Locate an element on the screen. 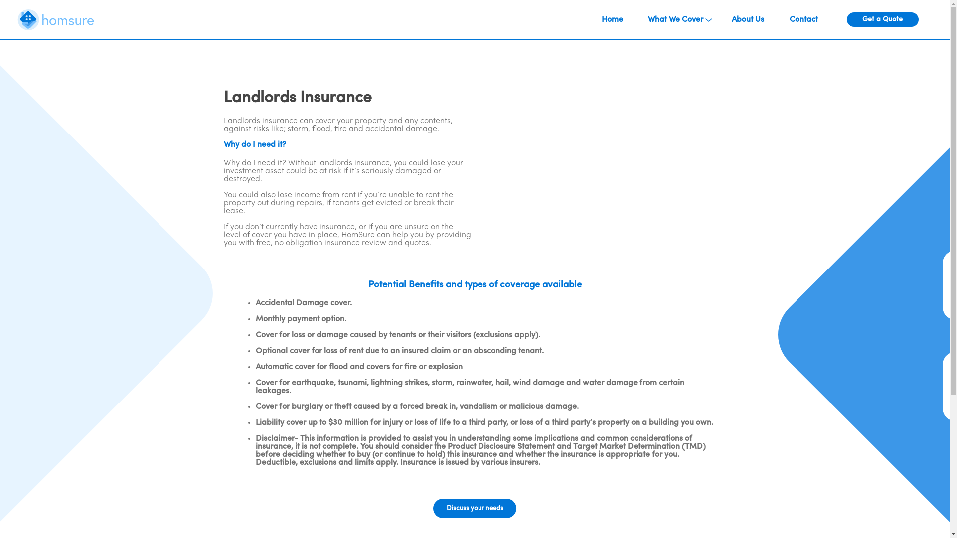  'Discuss your needs' is located at coordinates (474, 508).